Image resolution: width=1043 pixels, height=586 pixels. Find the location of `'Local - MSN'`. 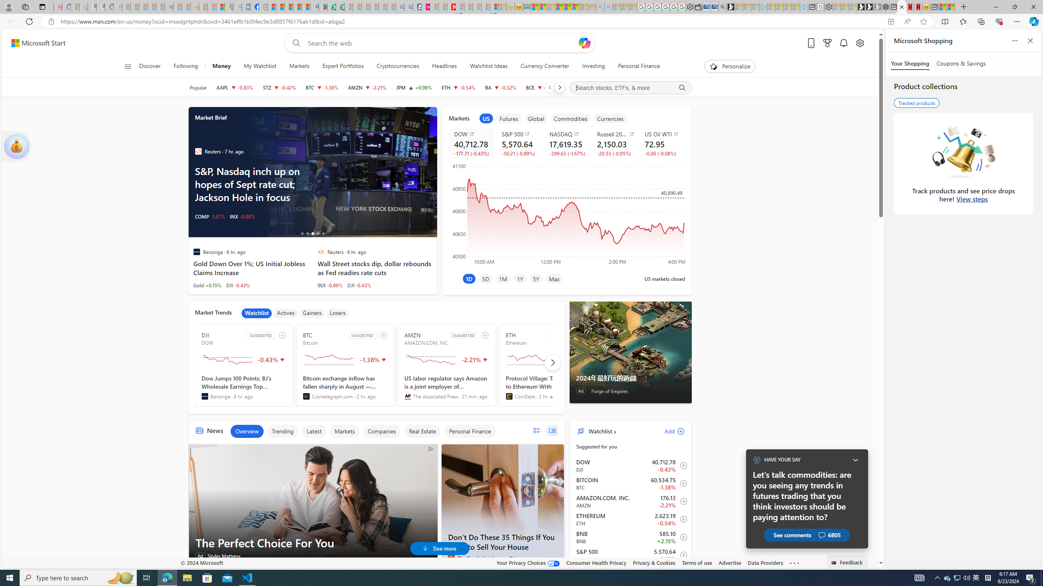

'Local - MSN' is located at coordinates (220, 7).